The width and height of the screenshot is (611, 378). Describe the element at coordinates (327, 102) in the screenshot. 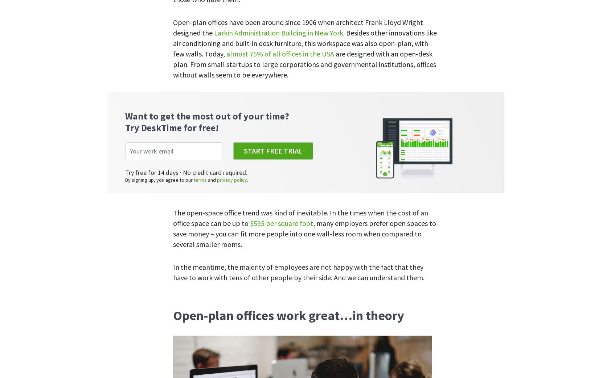

I see `'privacy policy'` at that location.